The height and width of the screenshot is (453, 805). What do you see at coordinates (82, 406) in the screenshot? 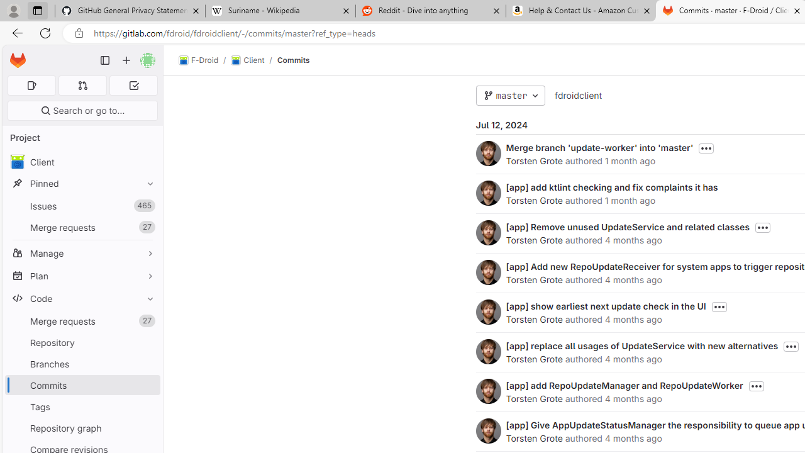
I see `'Tags'` at bounding box center [82, 406].